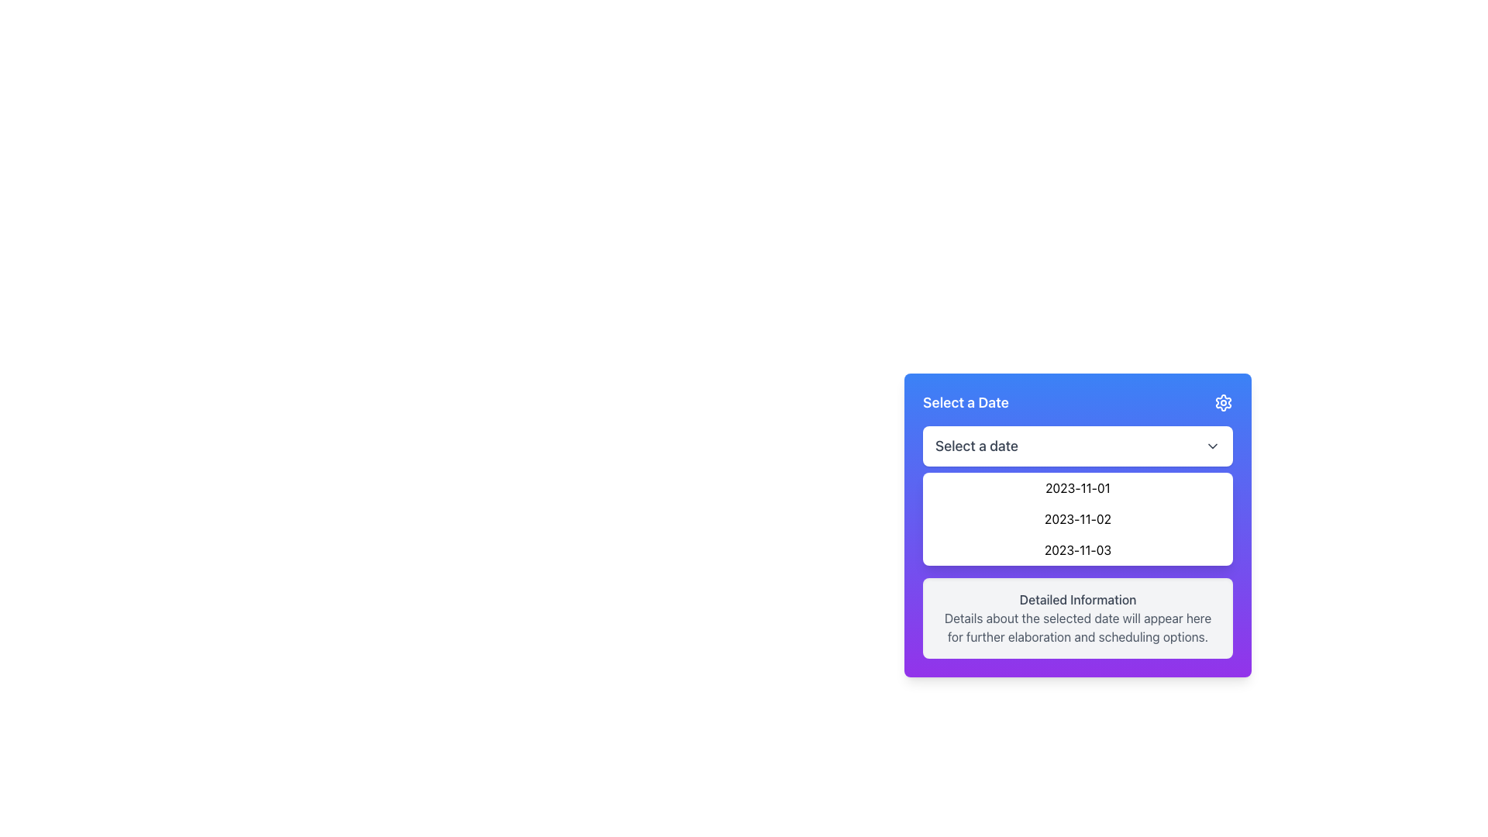 This screenshot has width=1488, height=837. I want to click on the first clickable list item in the date selection dropdown to trigger a visual change, so click(1077, 487).